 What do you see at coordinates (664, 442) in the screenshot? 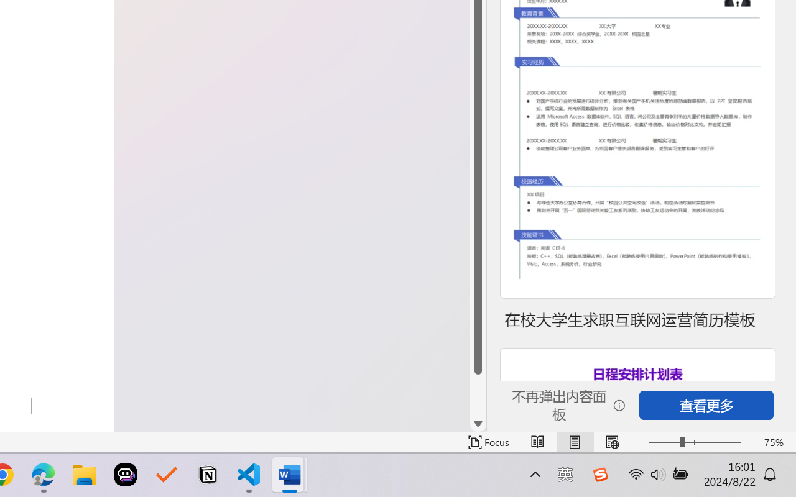
I see `'Zoom Out'` at bounding box center [664, 442].